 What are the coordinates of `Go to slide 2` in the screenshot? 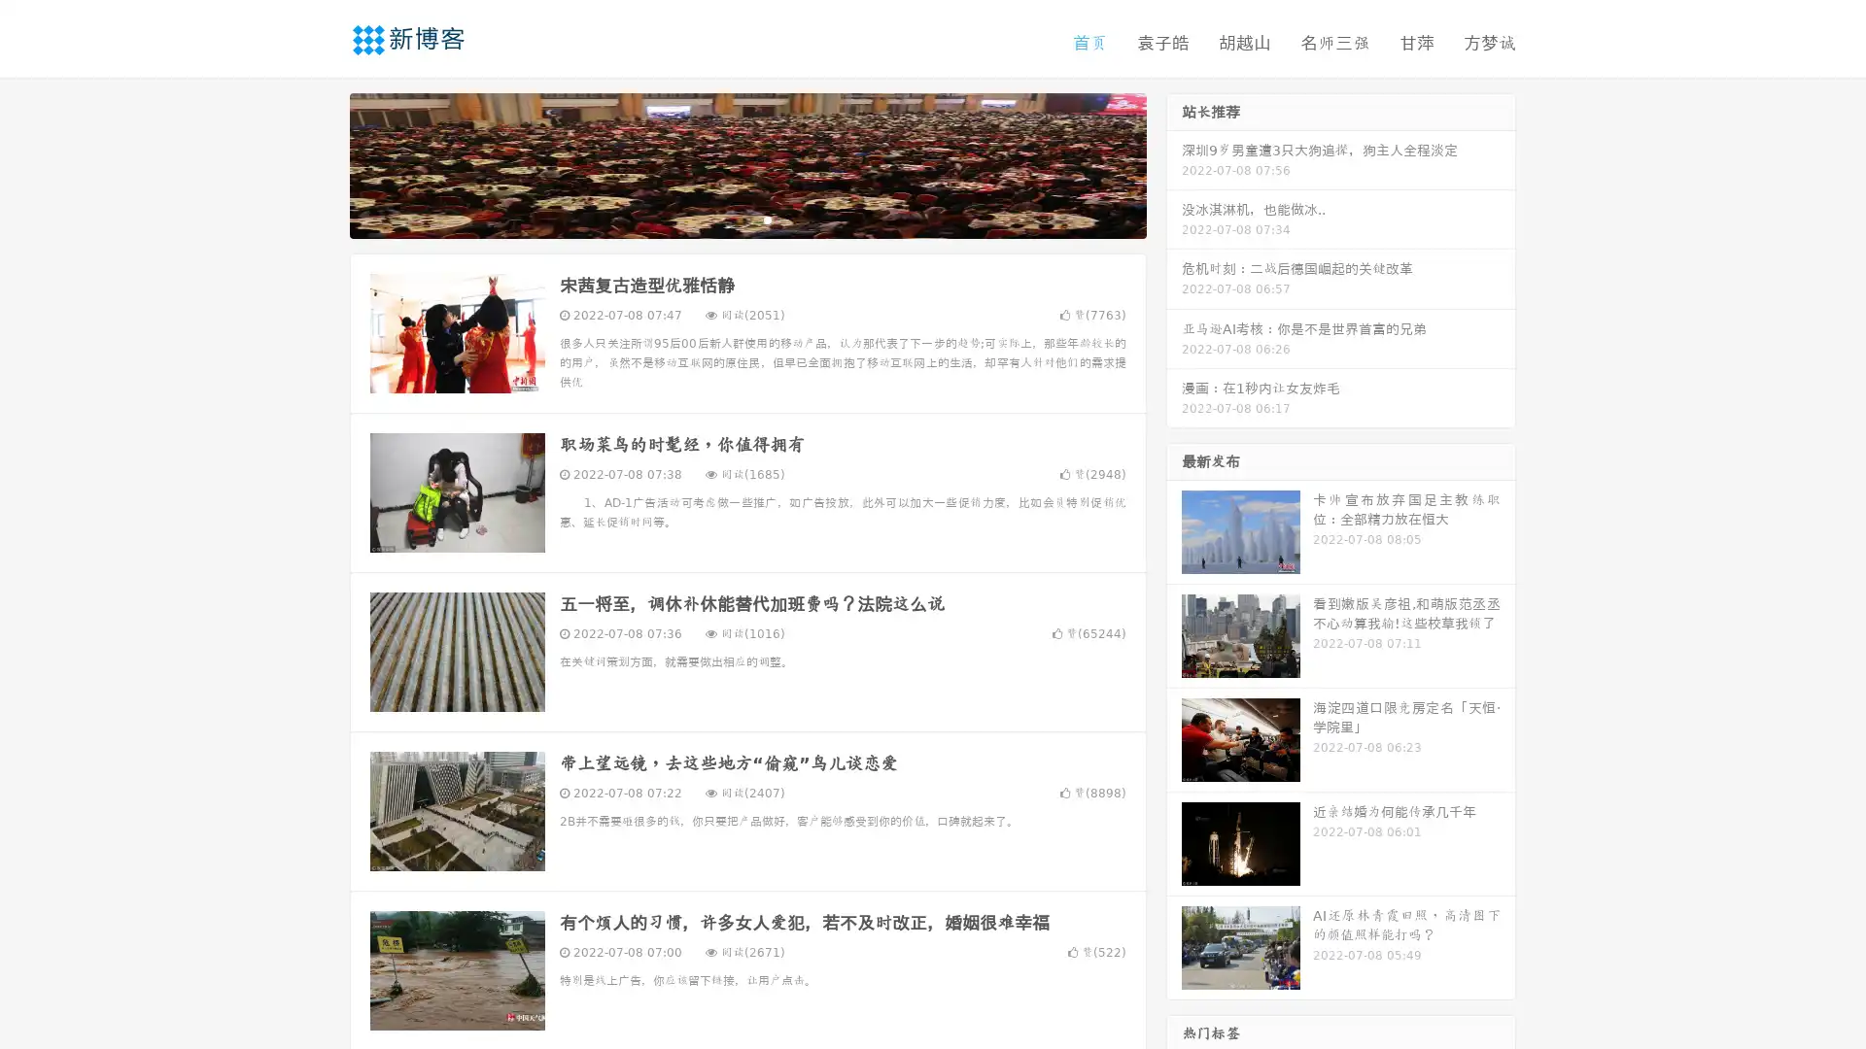 It's located at (746, 219).